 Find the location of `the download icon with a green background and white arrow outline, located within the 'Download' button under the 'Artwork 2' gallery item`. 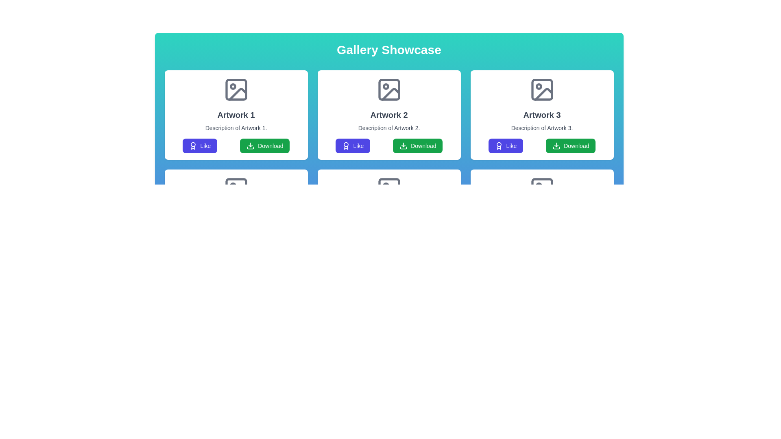

the download icon with a green background and white arrow outline, located within the 'Download' button under the 'Artwork 2' gallery item is located at coordinates (404, 145).